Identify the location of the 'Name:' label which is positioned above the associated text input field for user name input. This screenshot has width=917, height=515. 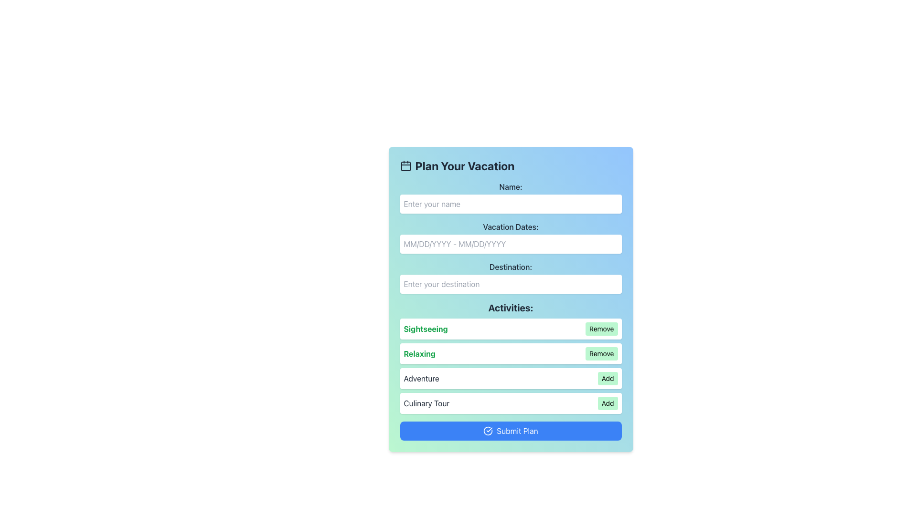
(510, 196).